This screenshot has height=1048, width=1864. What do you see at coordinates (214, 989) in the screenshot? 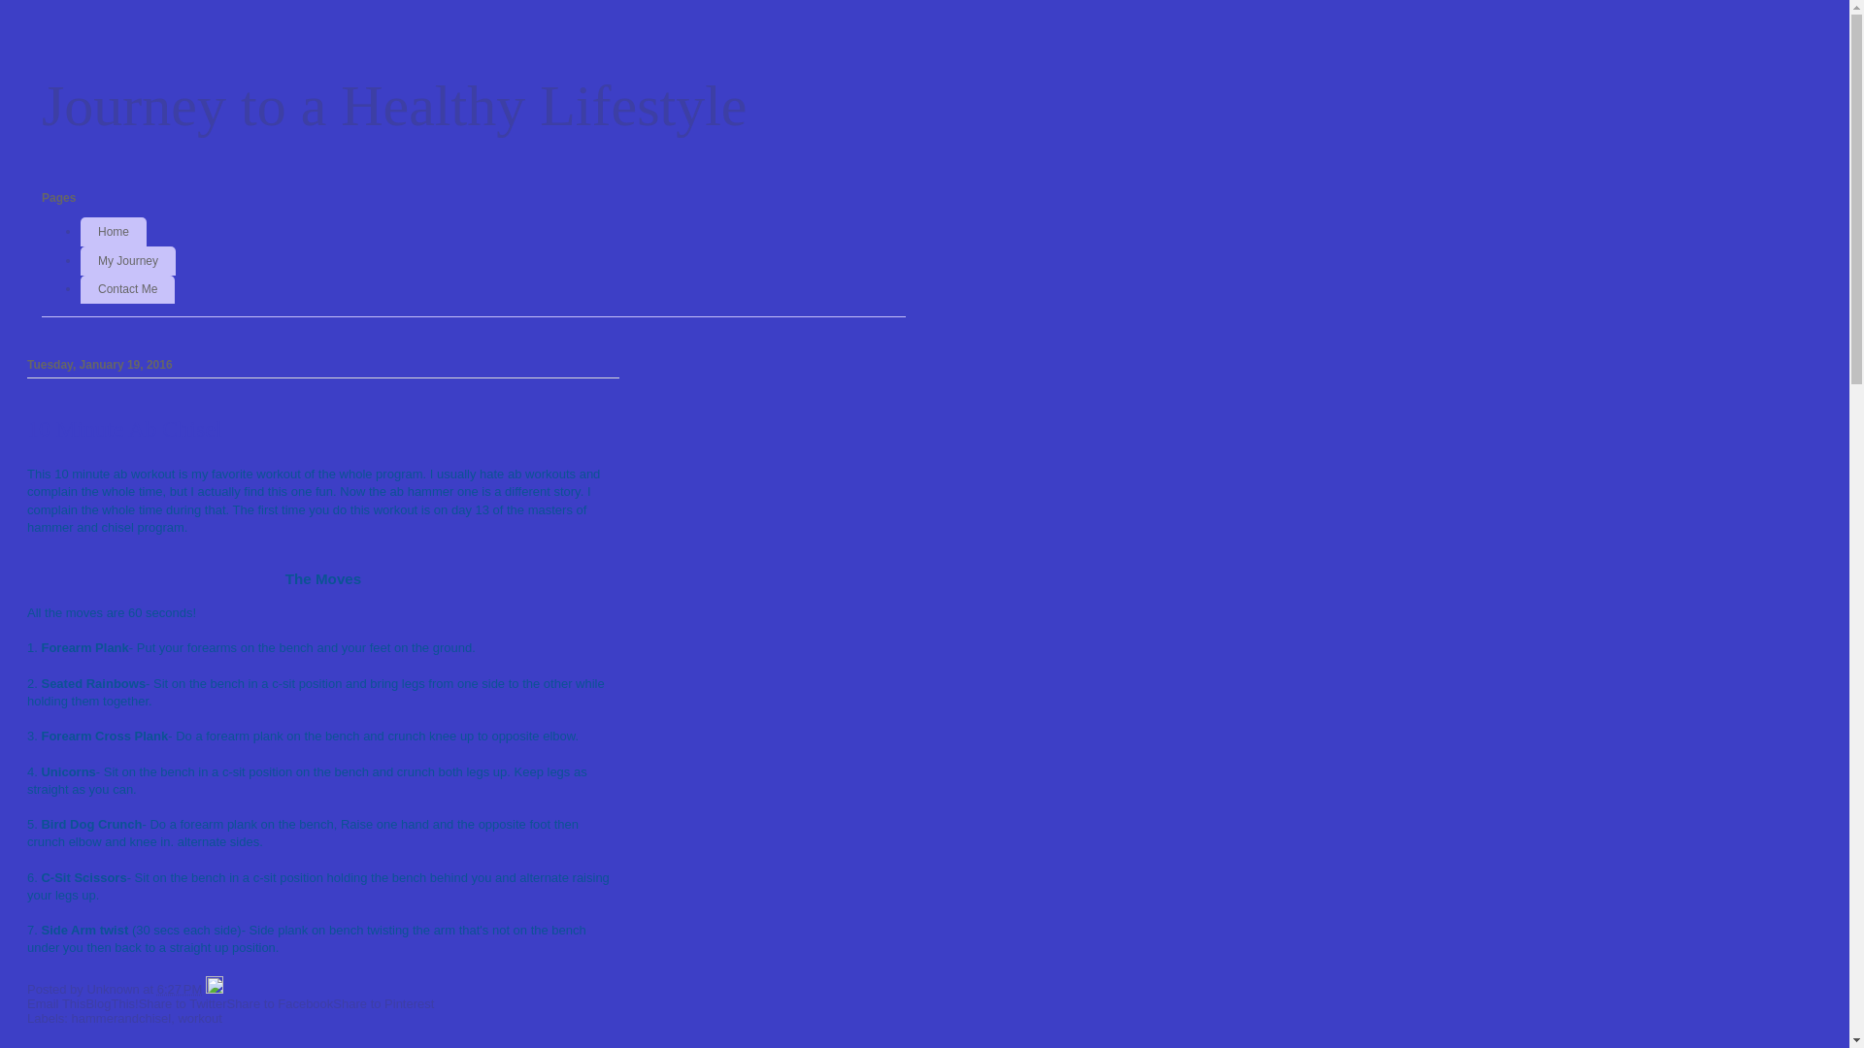
I see `'Edit Post'` at bounding box center [214, 989].